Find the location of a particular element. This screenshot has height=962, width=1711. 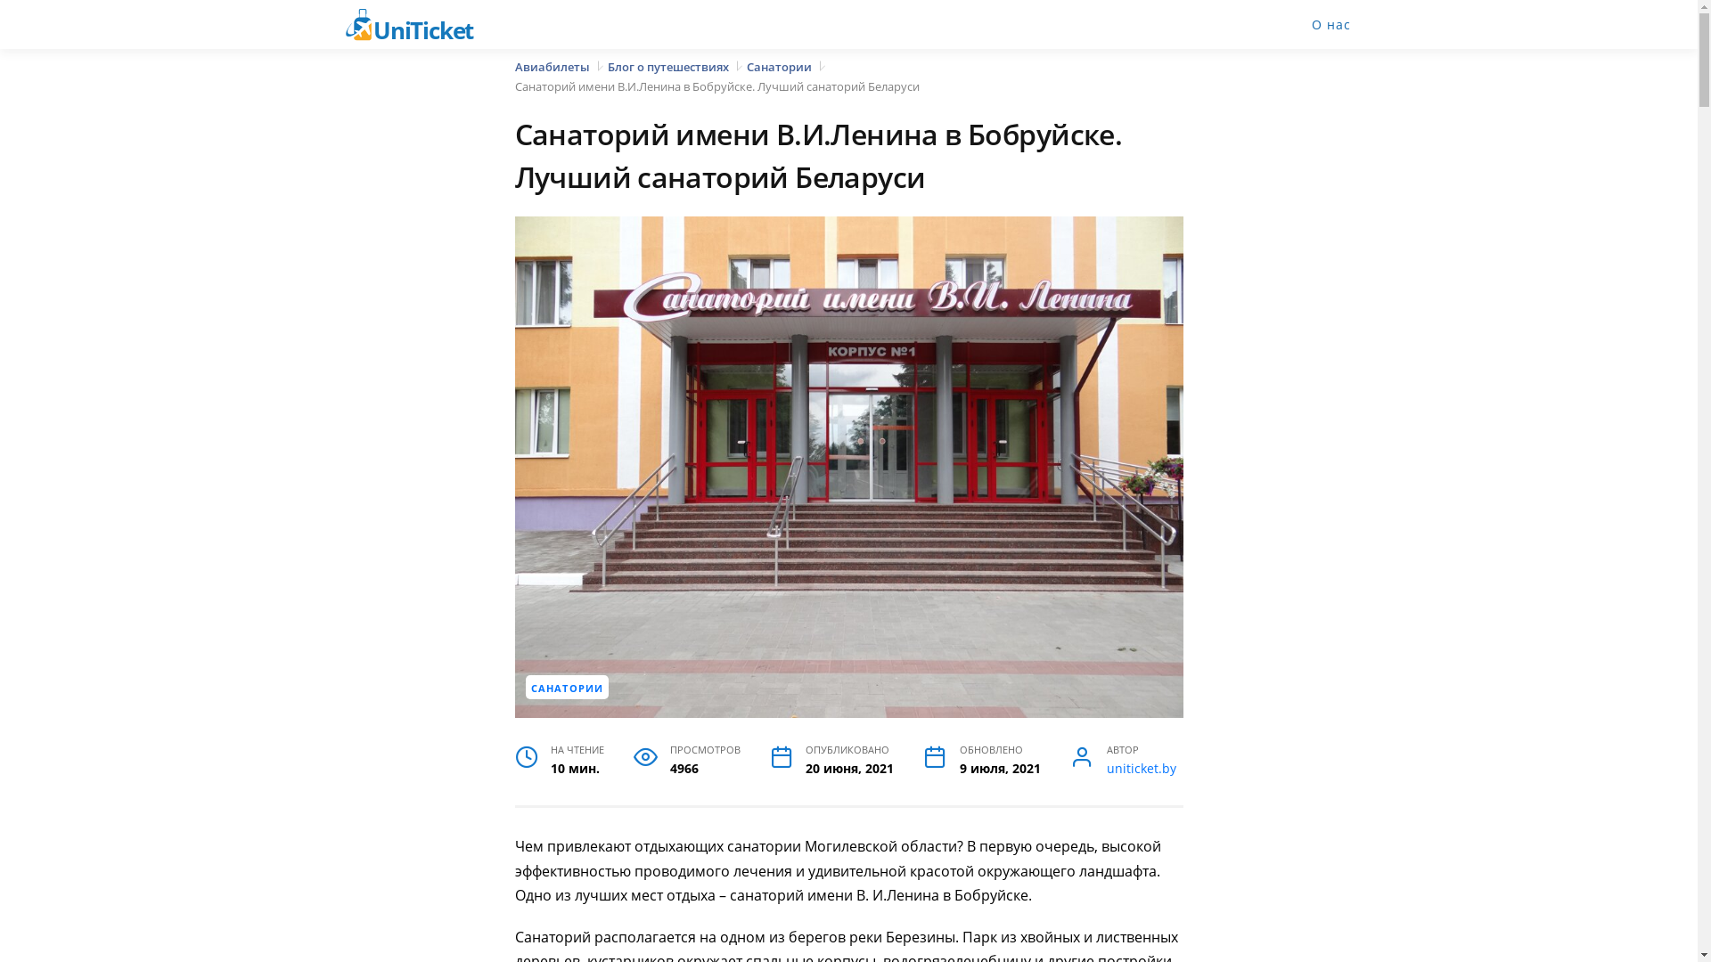

'UniTicket' is located at coordinates (419, 24).